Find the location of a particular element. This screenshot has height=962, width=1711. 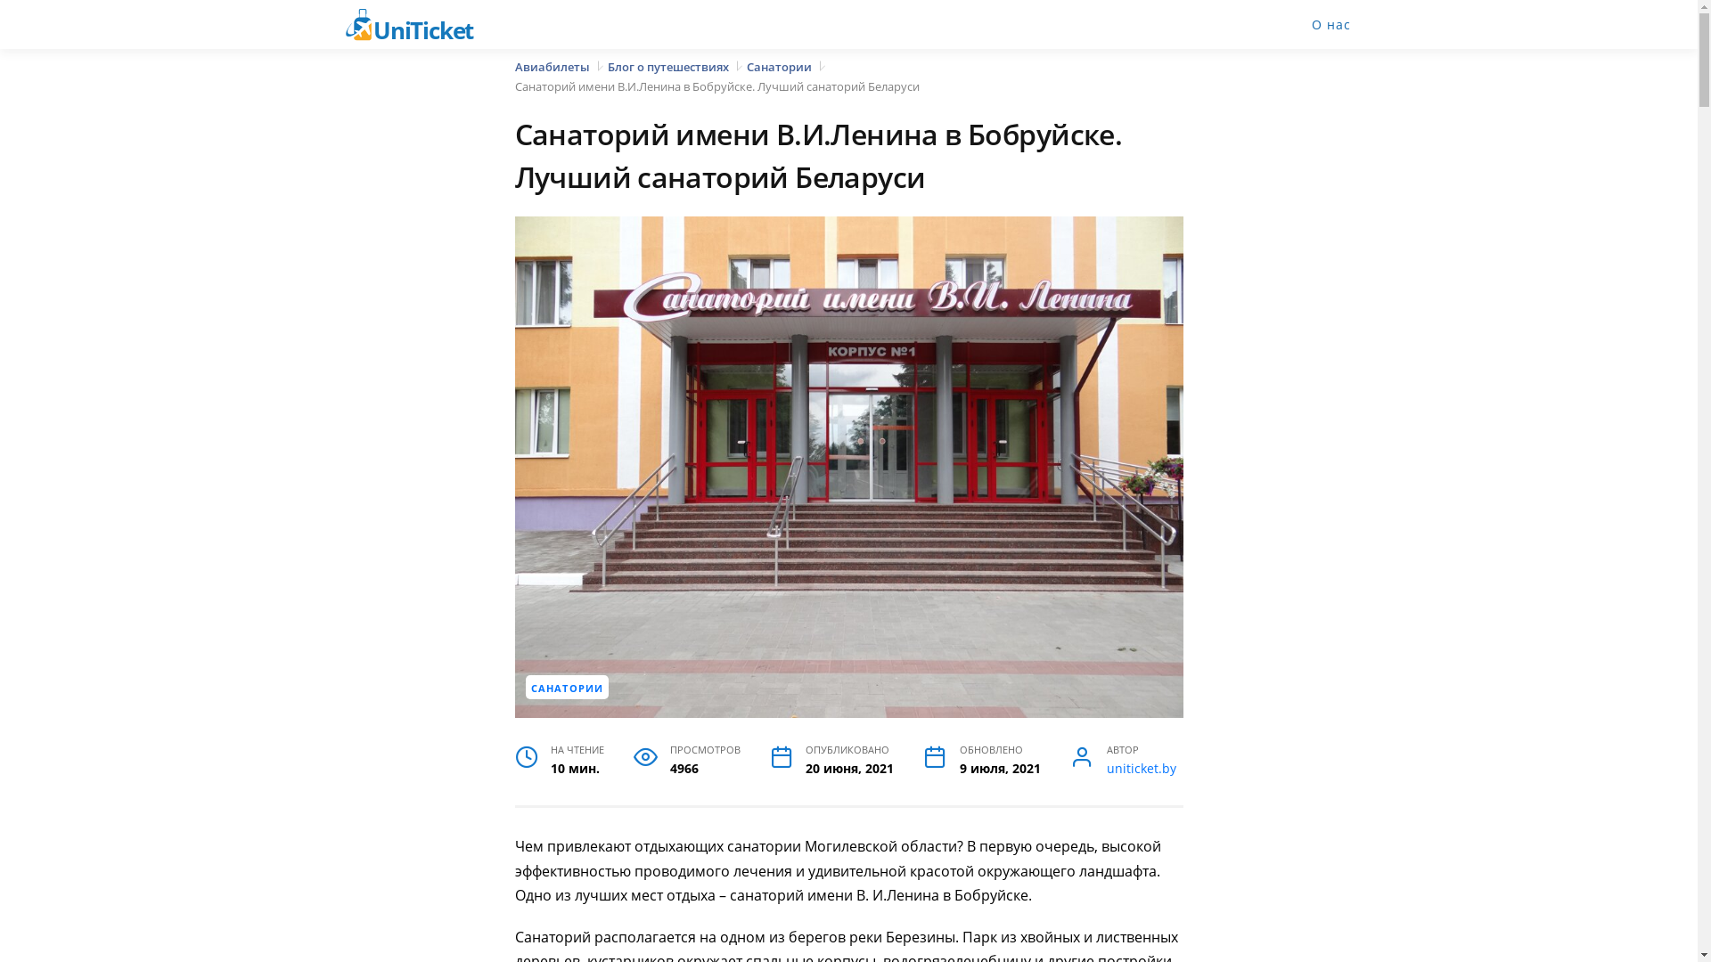

'UniTicket' is located at coordinates (419, 24).